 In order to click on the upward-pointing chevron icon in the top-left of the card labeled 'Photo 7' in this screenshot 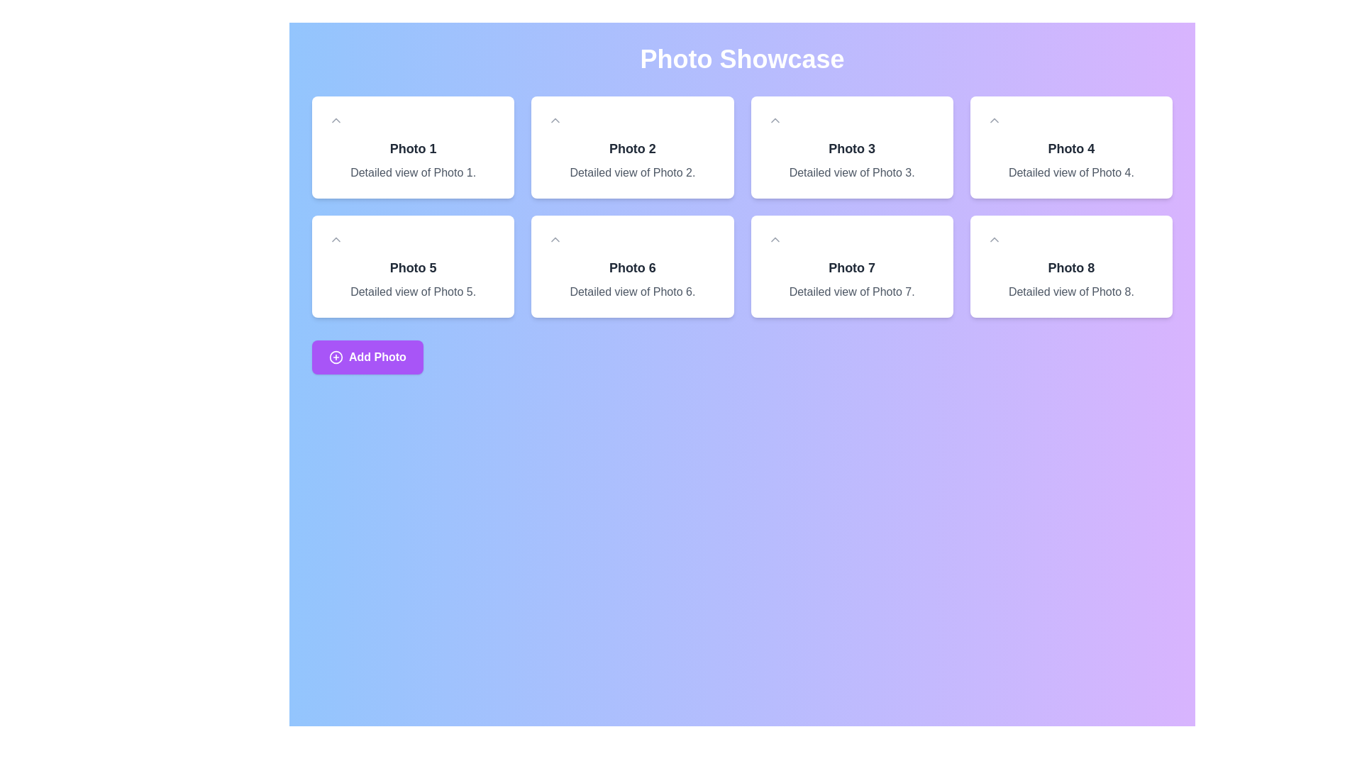, I will do `click(774, 239)`.